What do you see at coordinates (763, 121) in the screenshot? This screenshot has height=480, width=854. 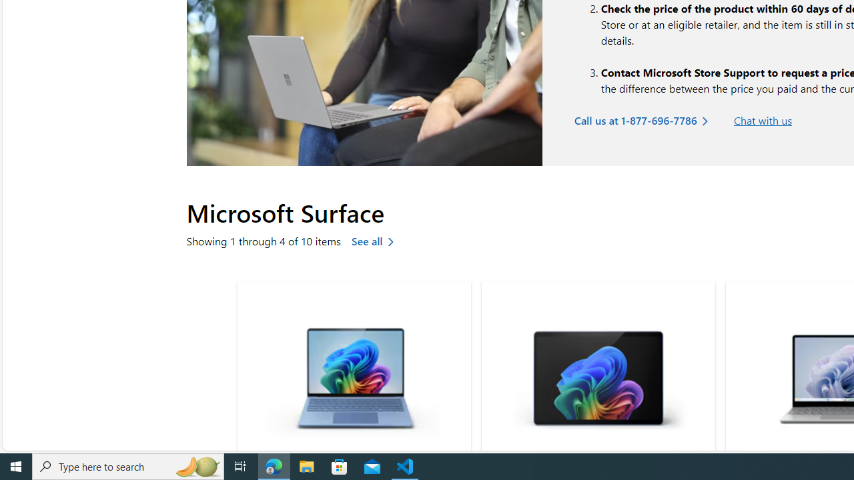 I see `'Chat with us'` at bounding box center [763, 121].